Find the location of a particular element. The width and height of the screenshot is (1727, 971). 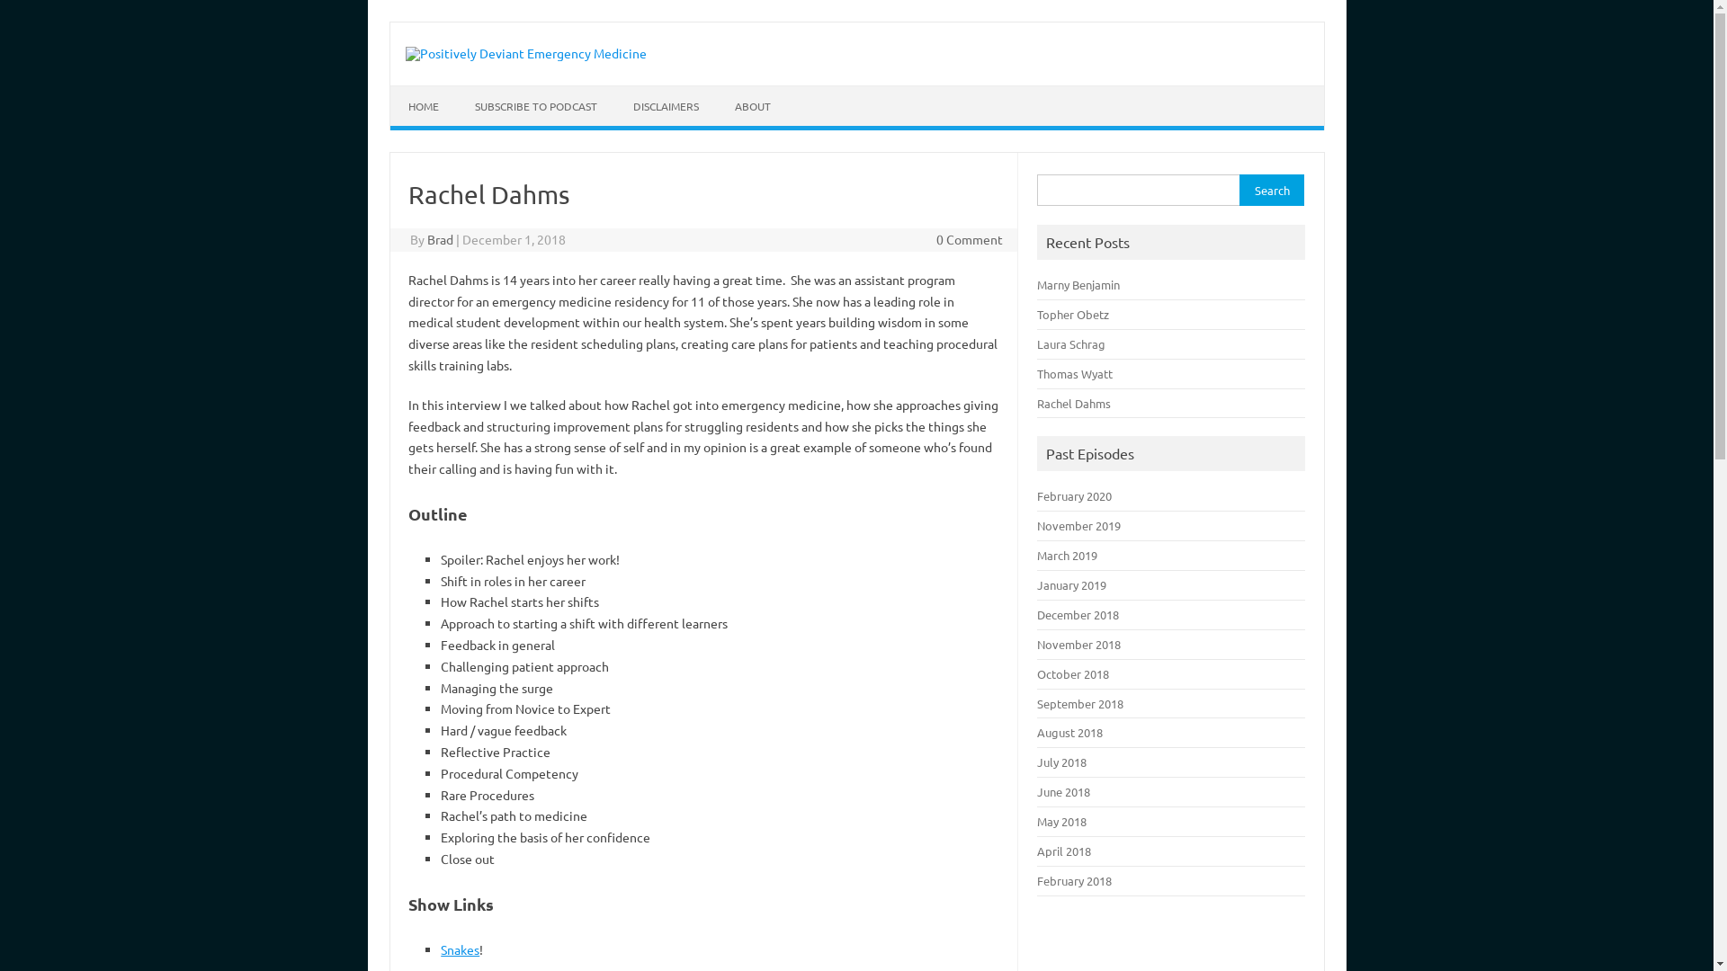

'Snakes' is located at coordinates (460, 949).